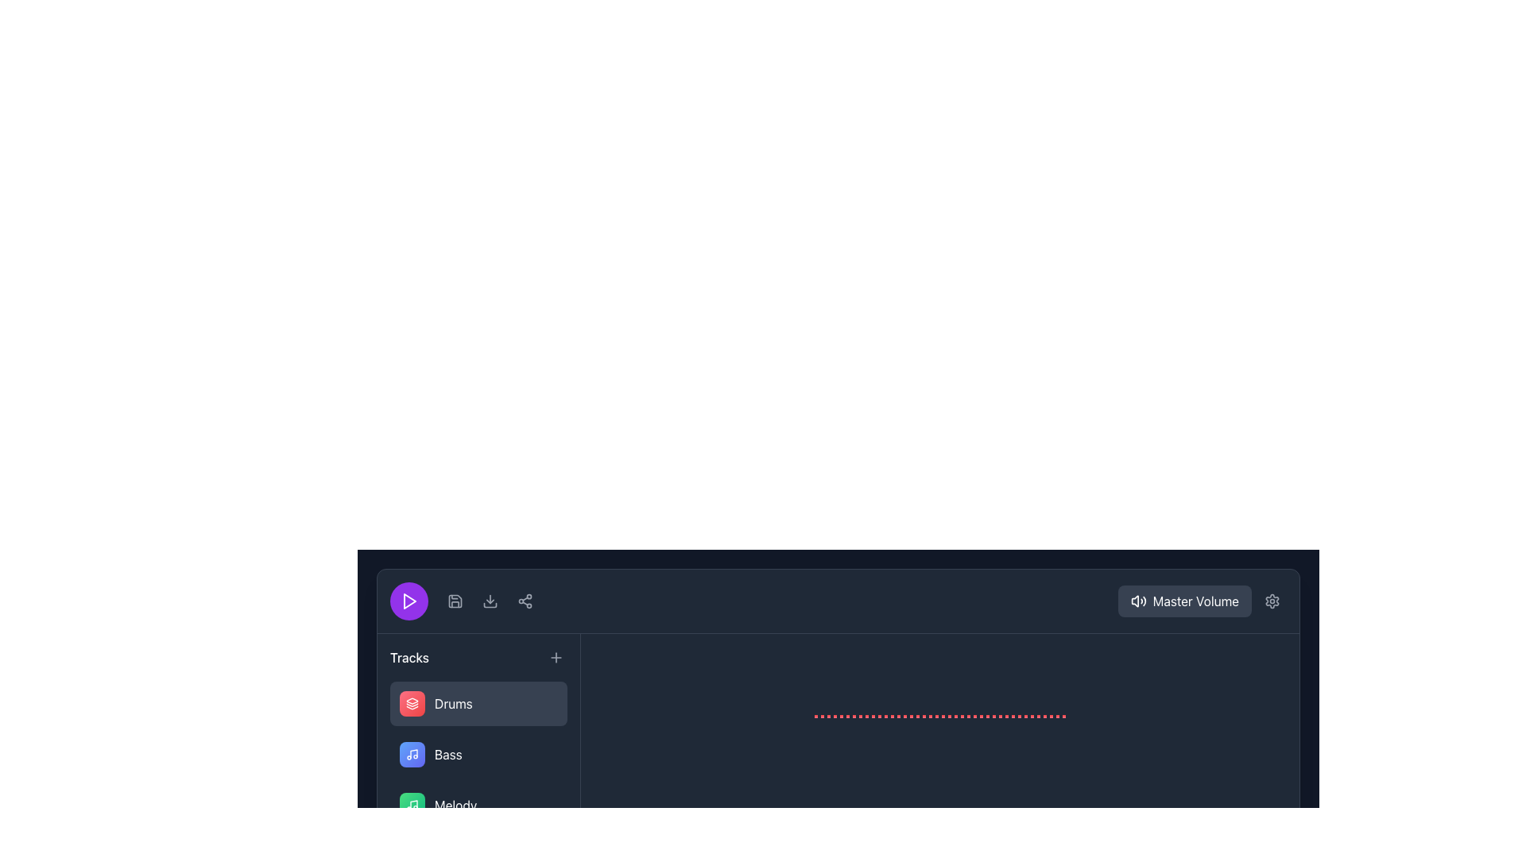  I want to click on the 'Bass' track icon located to the left of the label displaying 'Bass', so click(412, 753).